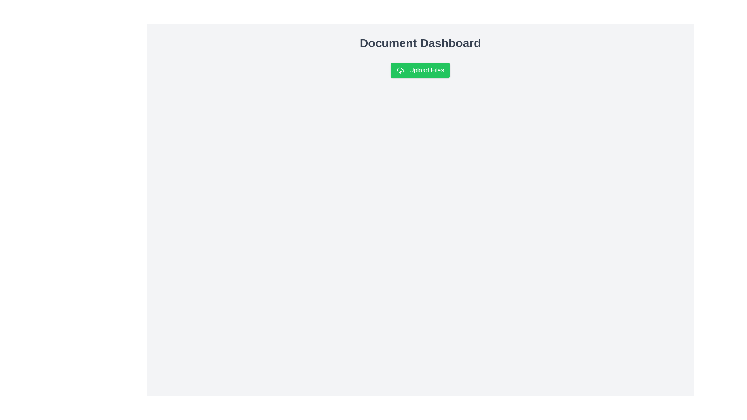  I want to click on the green 'Upload Files' button with rounded corners, which is located below the 'Document Dashboard' header, to initiate file upload, so click(420, 70).